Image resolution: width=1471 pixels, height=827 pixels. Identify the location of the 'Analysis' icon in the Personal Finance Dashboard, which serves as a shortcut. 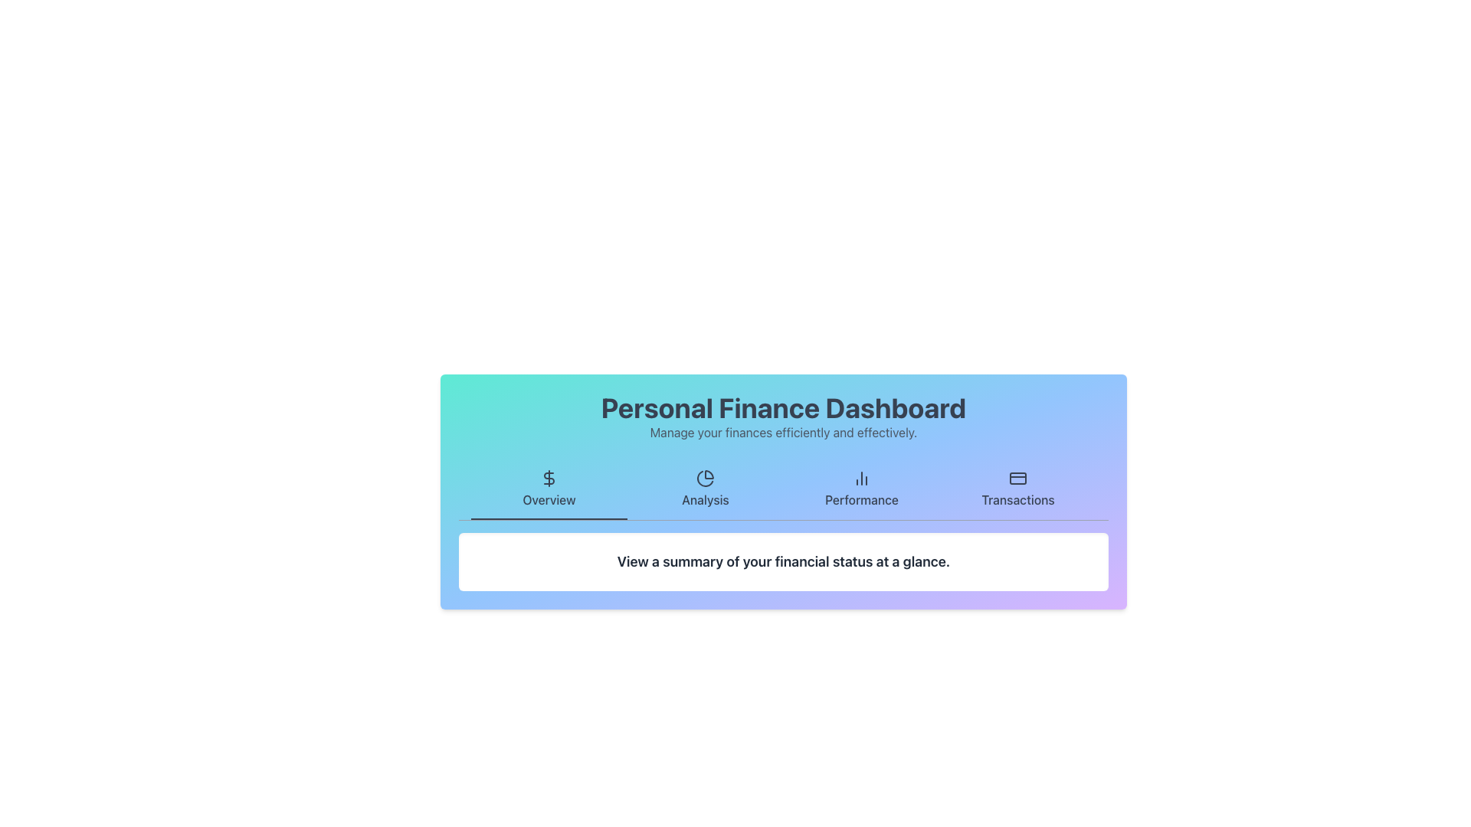
(705, 477).